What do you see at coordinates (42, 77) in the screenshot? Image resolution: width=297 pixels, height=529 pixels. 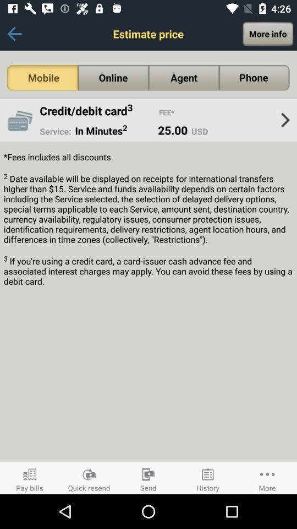 I see `item above the credit/debit card3 app` at bounding box center [42, 77].